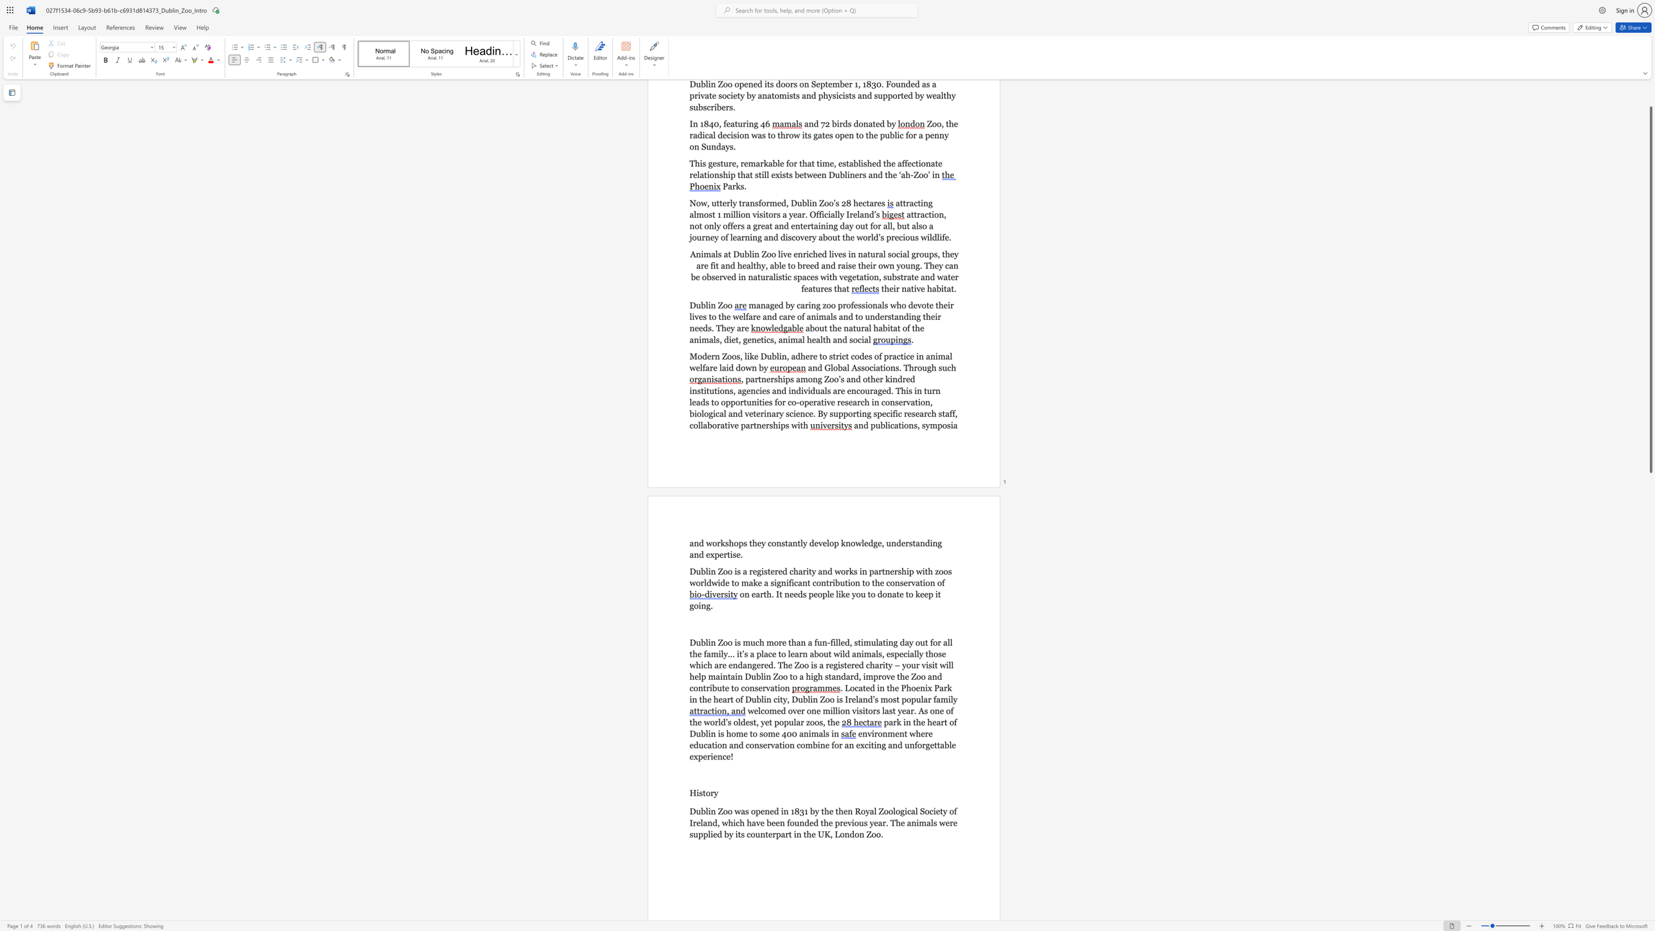 The width and height of the screenshot is (1655, 931). What do you see at coordinates (768, 653) in the screenshot?
I see `the subset text "ce to learn about wild" within the text "a place to learn about wild animals, especially those which are endangered. The Zoo is a registered charity – your visit will help"` at bounding box center [768, 653].